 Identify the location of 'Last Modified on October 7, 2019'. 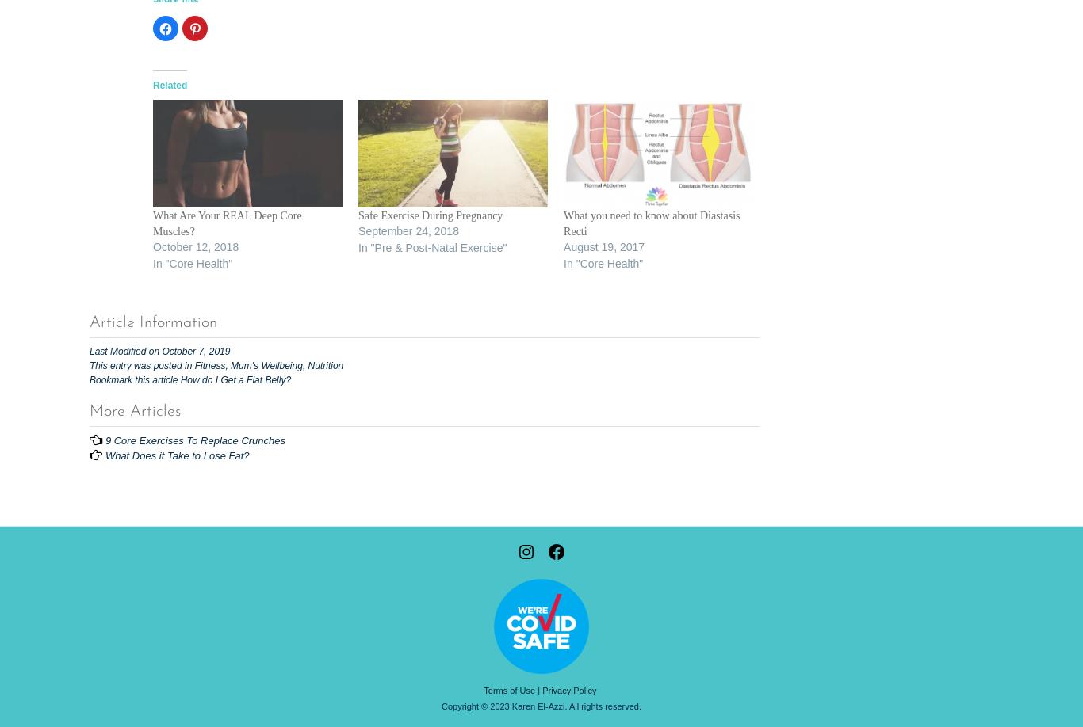
(89, 351).